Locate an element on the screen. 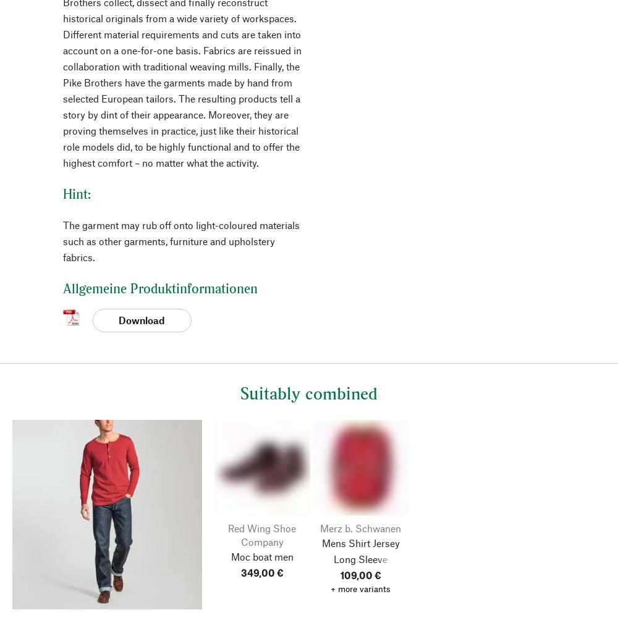  'Moc boat men' is located at coordinates (261, 556).